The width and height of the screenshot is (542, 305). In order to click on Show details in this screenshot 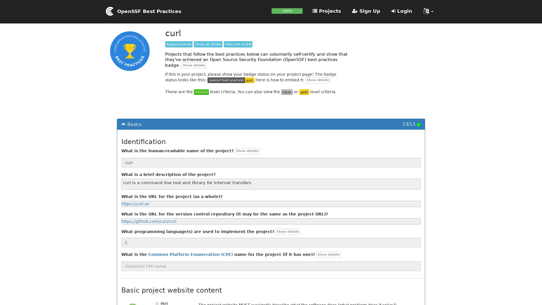, I will do `click(328, 255)`.